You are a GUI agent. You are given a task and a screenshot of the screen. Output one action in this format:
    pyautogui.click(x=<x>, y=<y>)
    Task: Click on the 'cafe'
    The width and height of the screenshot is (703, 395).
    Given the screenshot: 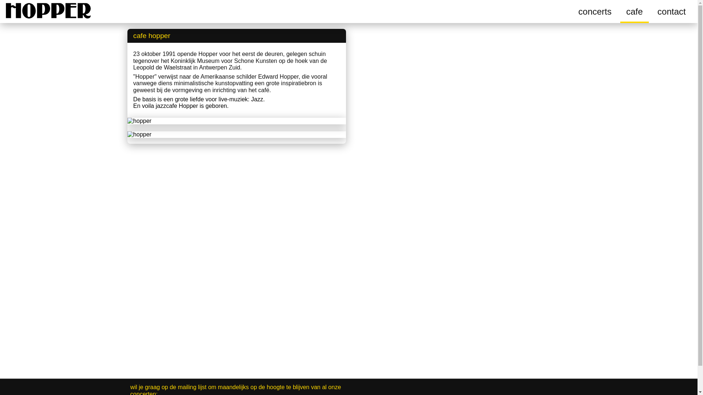 What is the action you would take?
    pyautogui.click(x=625, y=11)
    